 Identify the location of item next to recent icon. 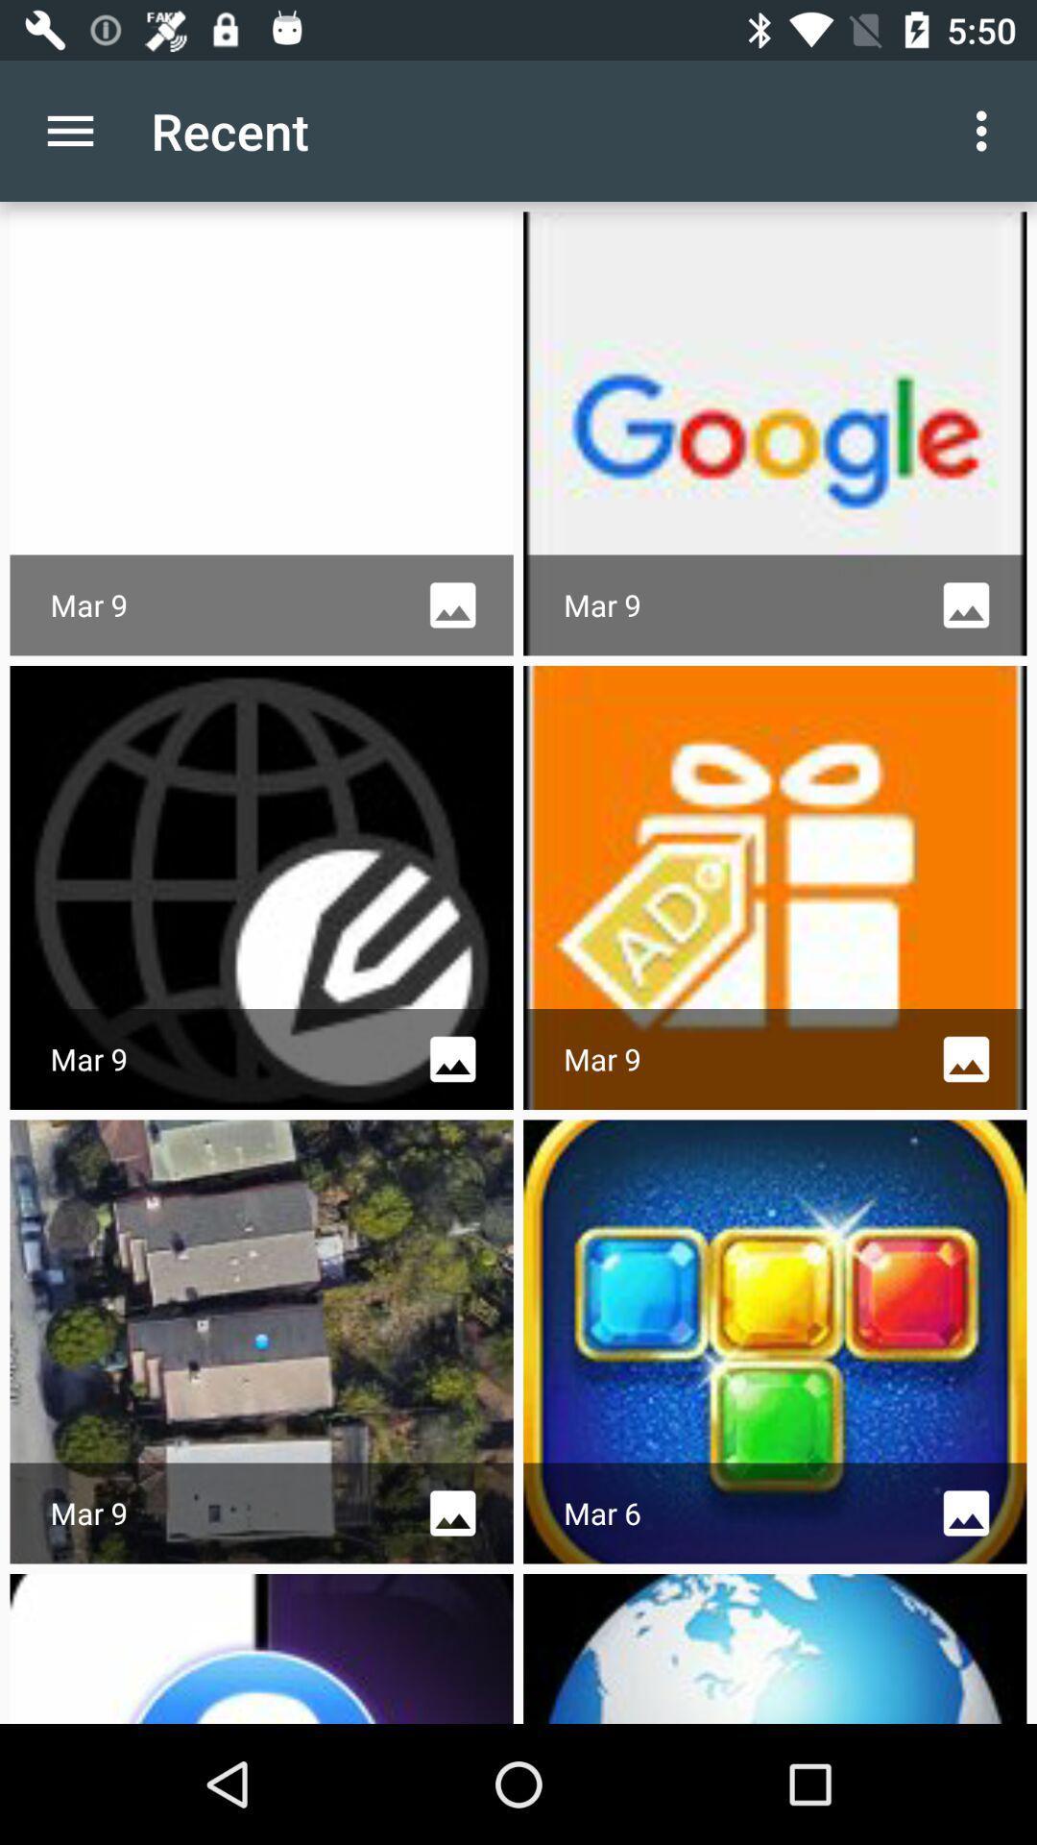
(986, 130).